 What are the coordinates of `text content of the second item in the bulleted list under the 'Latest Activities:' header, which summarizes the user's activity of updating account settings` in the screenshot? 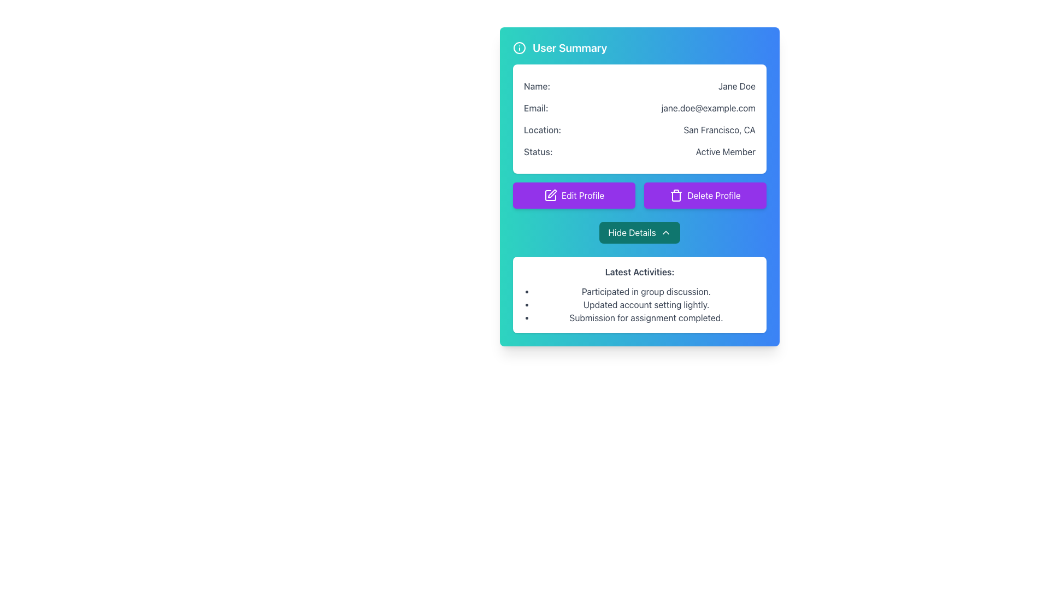 It's located at (646, 305).